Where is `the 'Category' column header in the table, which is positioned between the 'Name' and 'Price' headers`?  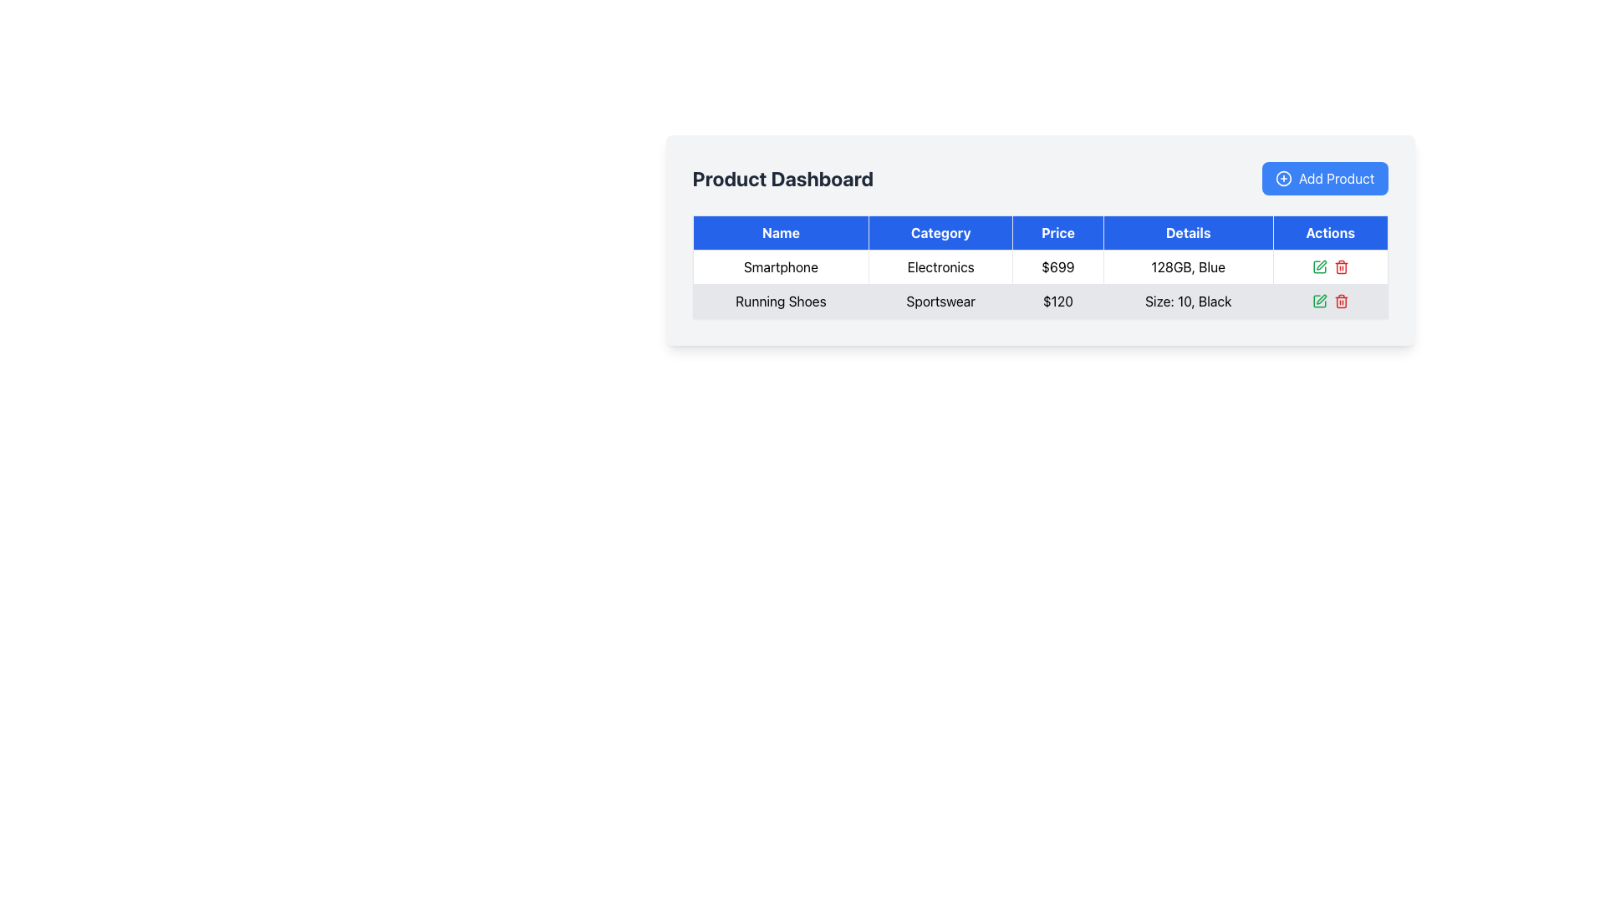
the 'Category' column header in the table, which is positioned between the 'Name' and 'Price' headers is located at coordinates (940, 232).